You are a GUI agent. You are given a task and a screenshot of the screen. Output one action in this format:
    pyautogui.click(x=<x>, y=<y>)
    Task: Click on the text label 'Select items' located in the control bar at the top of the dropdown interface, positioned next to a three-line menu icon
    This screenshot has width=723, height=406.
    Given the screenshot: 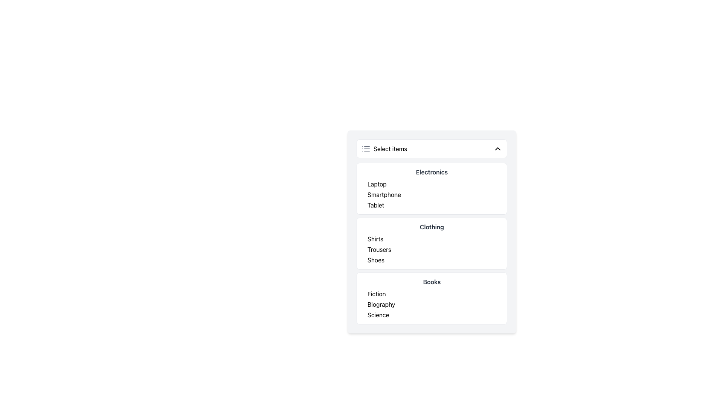 What is the action you would take?
    pyautogui.click(x=390, y=149)
    